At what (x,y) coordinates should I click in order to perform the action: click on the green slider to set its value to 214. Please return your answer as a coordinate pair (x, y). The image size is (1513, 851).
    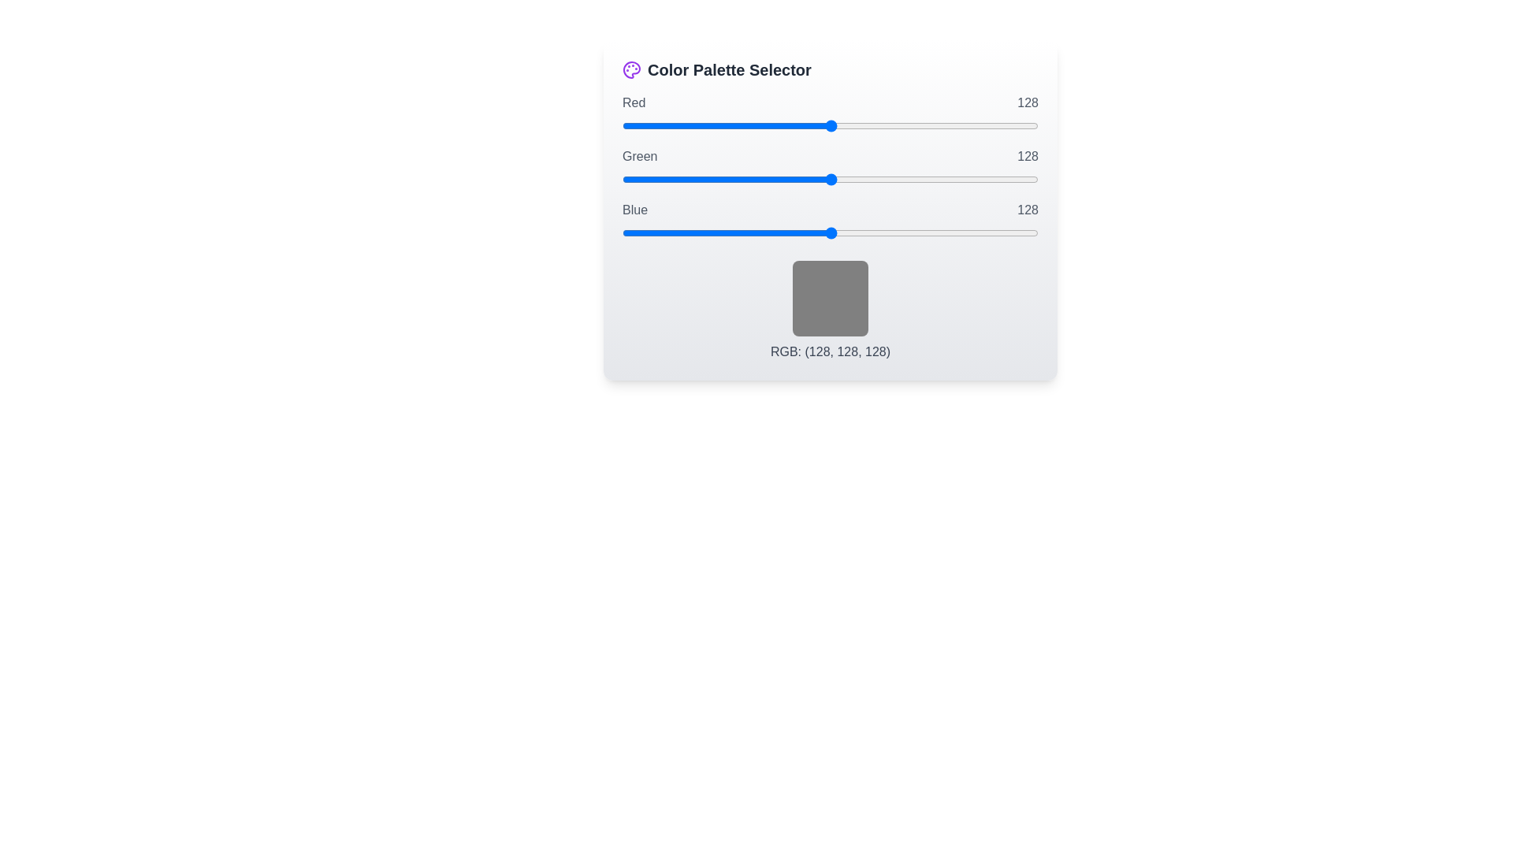
    Looking at the image, I should click on (971, 178).